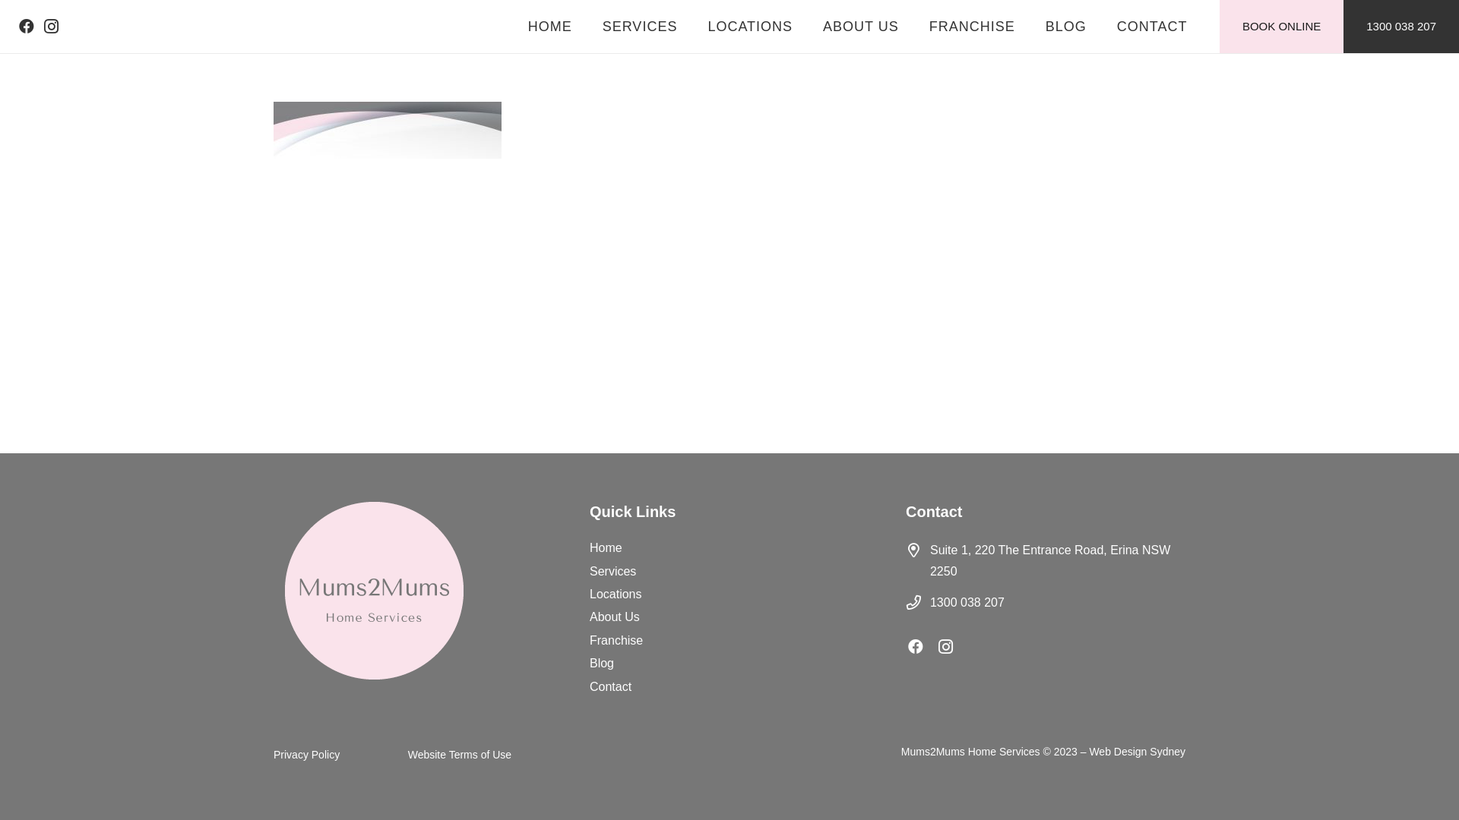 The width and height of the screenshot is (1459, 820). Describe the element at coordinates (937, 647) in the screenshot. I see `'Instagram'` at that location.